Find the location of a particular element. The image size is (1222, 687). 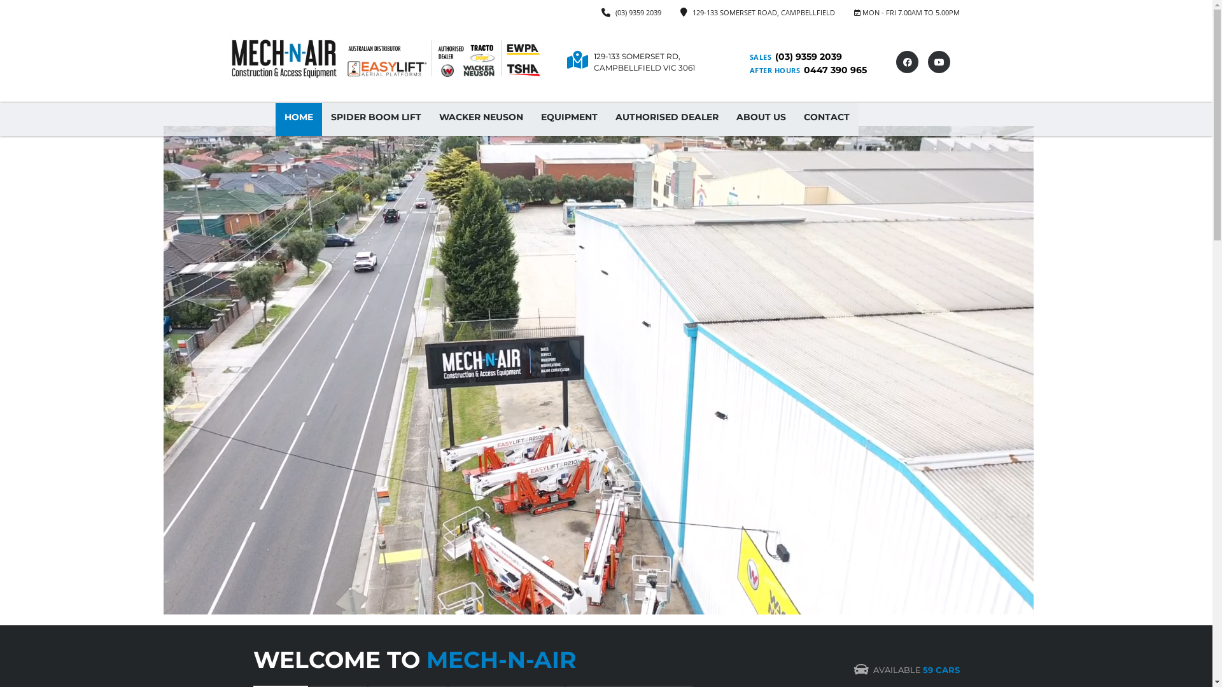

'CONTACT' is located at coordinates (825, 120).